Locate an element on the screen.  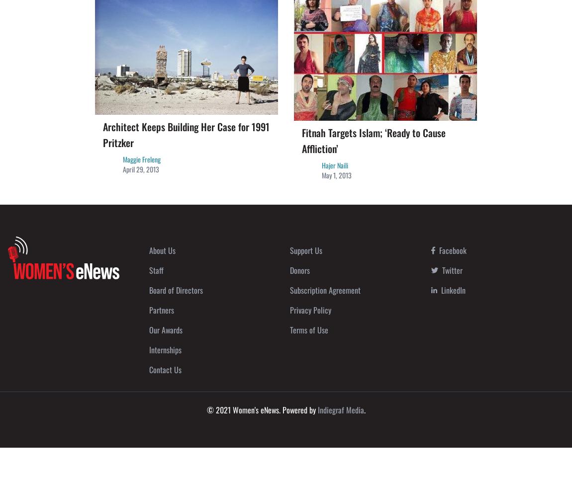
'April 29, 2013' is located at coordinates (140, 168).